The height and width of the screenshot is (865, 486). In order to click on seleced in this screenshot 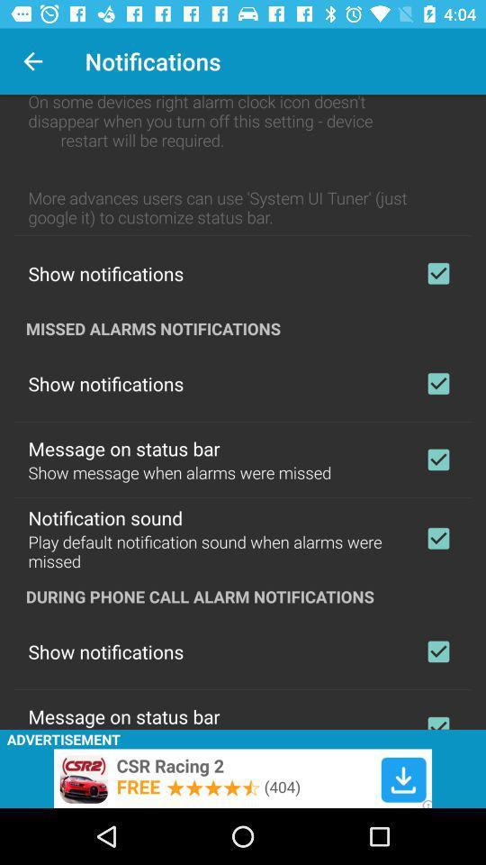, I will do `click(437, 538)`.